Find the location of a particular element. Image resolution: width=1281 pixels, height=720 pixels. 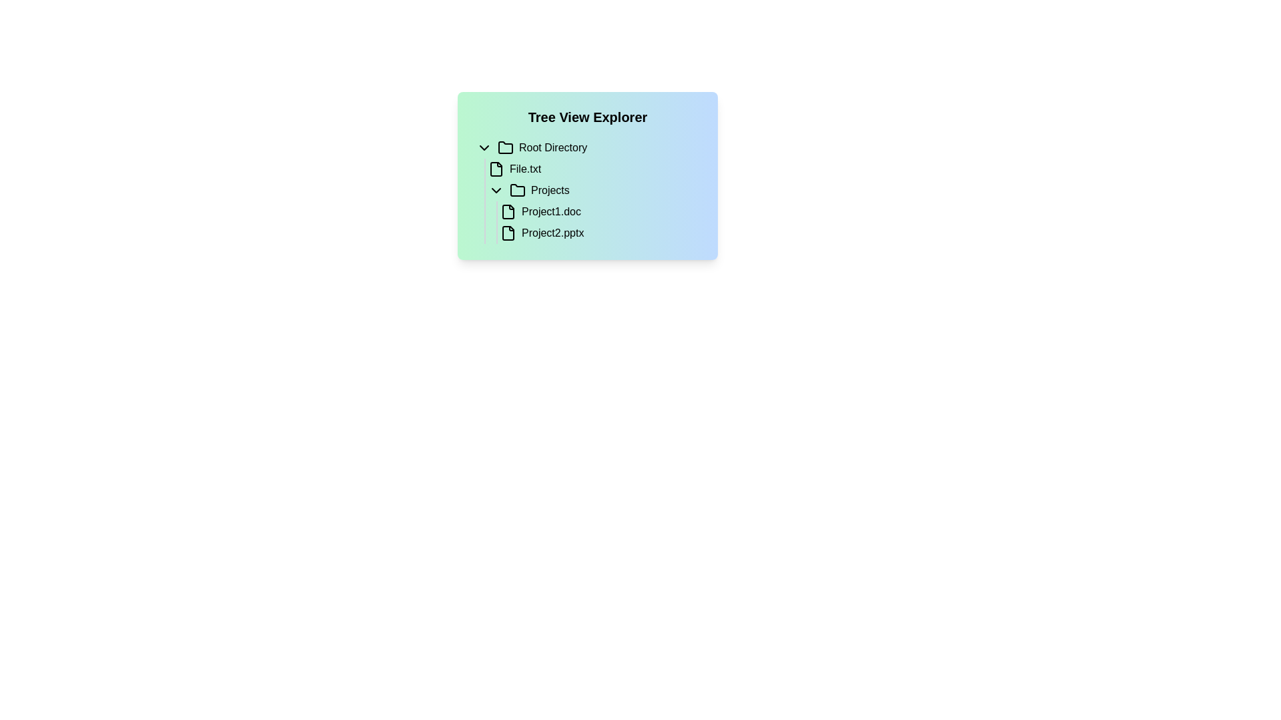

the small rectangular folder icon outlined in black, which is positioned to the left of the text 'Projects' and to the right of the downward chevron icon is located at coordinates (517, 190).